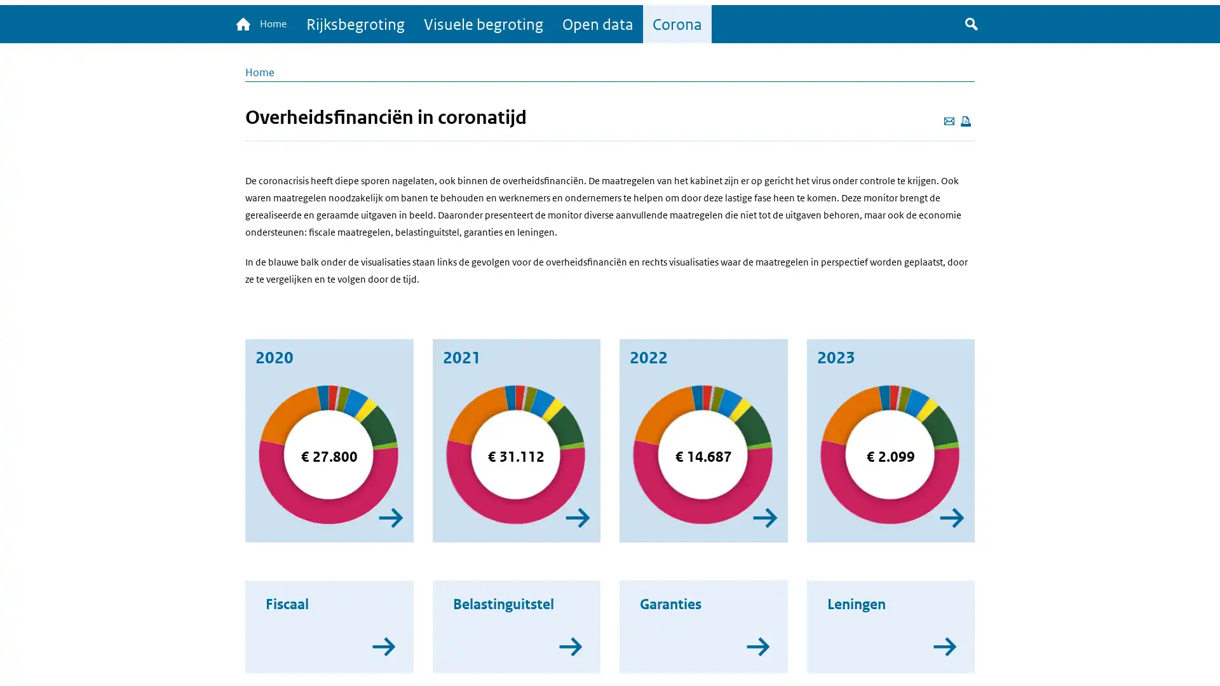 This screenshot has width=1220, height=686. What do you see at coordinates (966, 122) in the screenshot?
I see `Deze pagina afdrukken` at bounding box center [966, 122].